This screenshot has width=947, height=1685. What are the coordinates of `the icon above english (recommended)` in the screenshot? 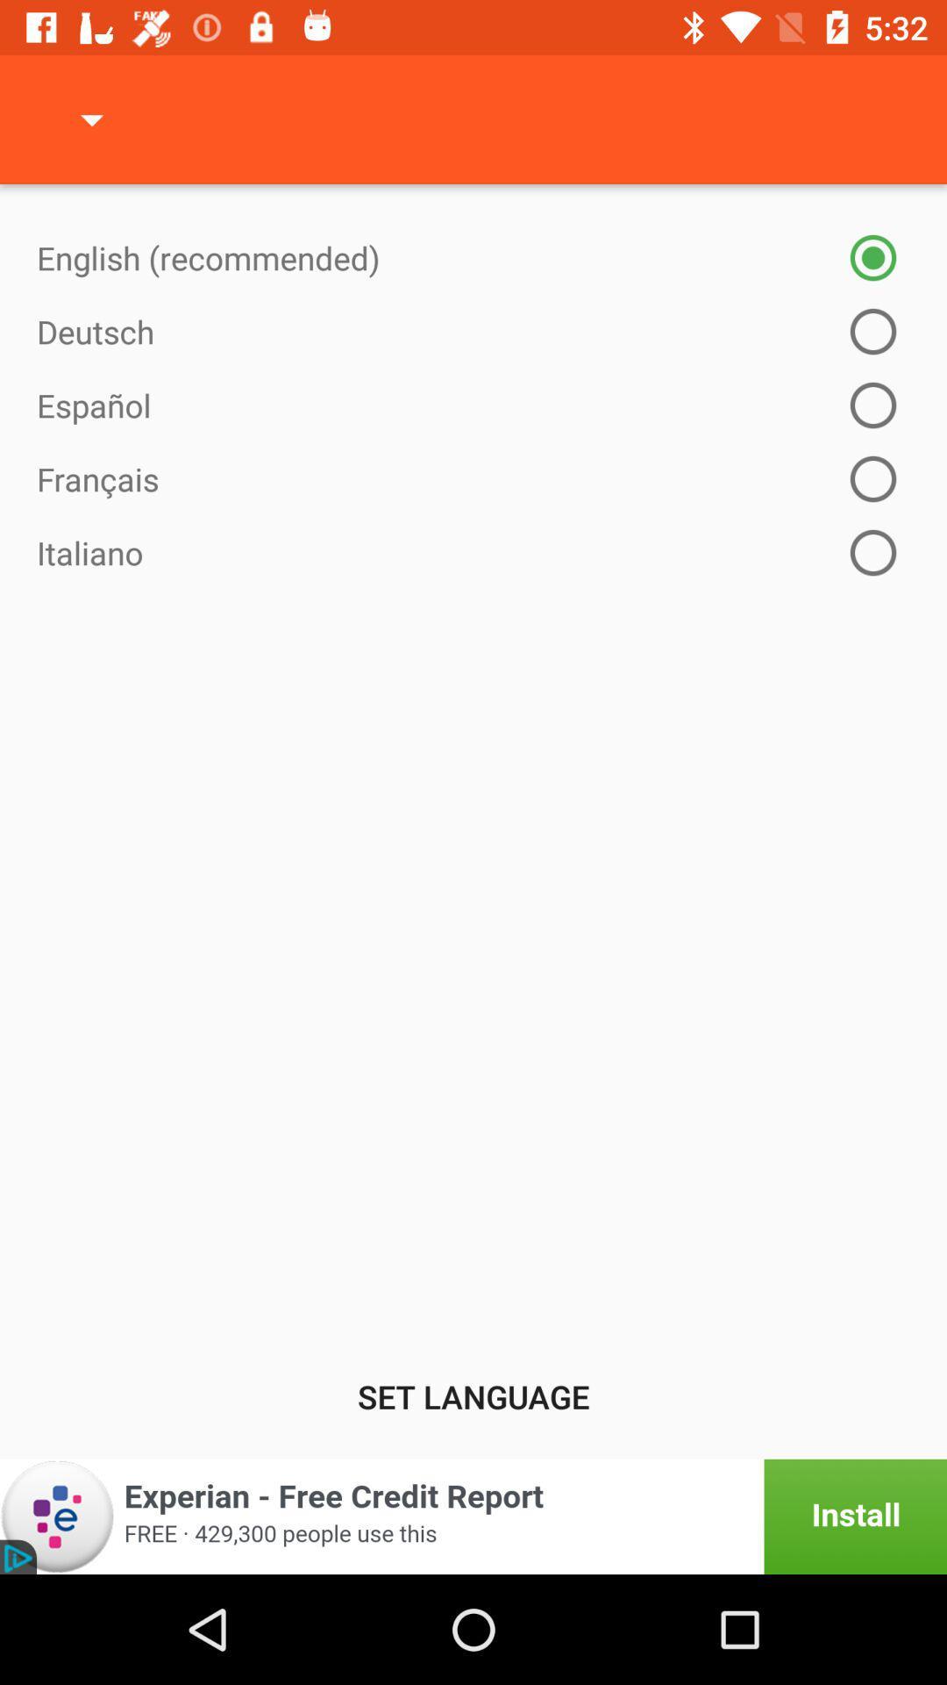 It's located at (91, 118).